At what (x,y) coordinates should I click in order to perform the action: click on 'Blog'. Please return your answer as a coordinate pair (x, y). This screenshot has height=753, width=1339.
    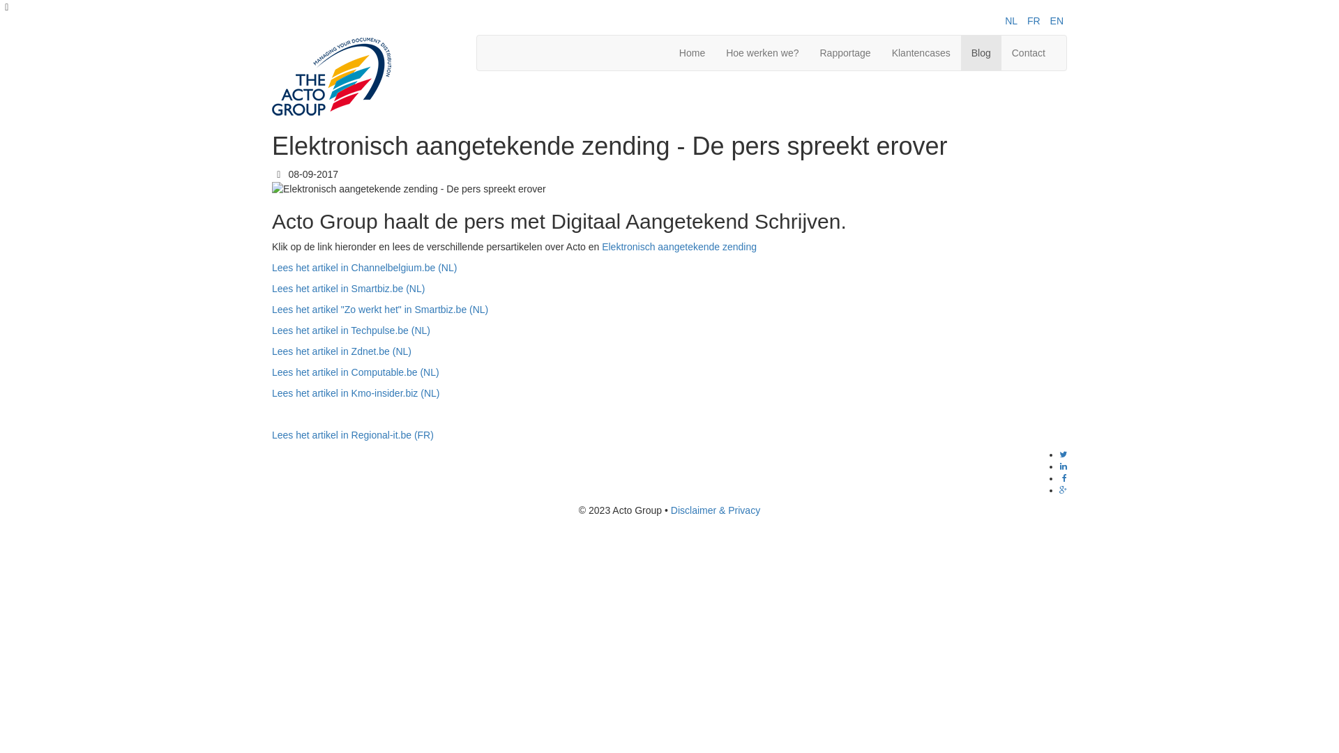
    Looking at the image, I should click on (980, 52).